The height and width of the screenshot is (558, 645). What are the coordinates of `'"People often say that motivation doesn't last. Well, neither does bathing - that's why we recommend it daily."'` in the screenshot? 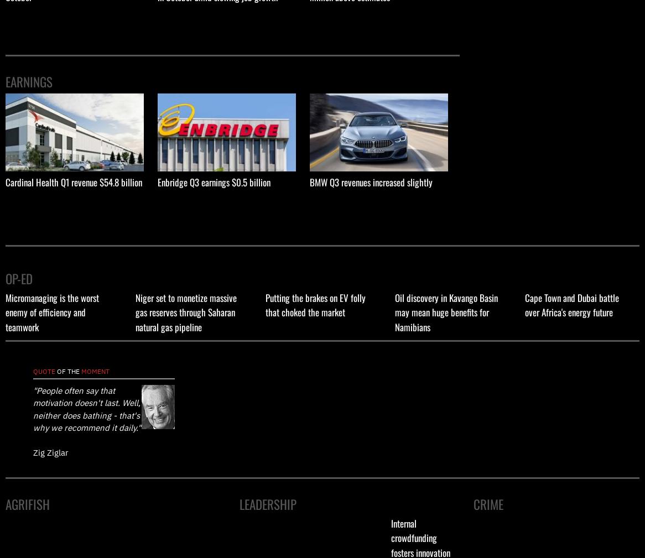 It's located at (87, 409).